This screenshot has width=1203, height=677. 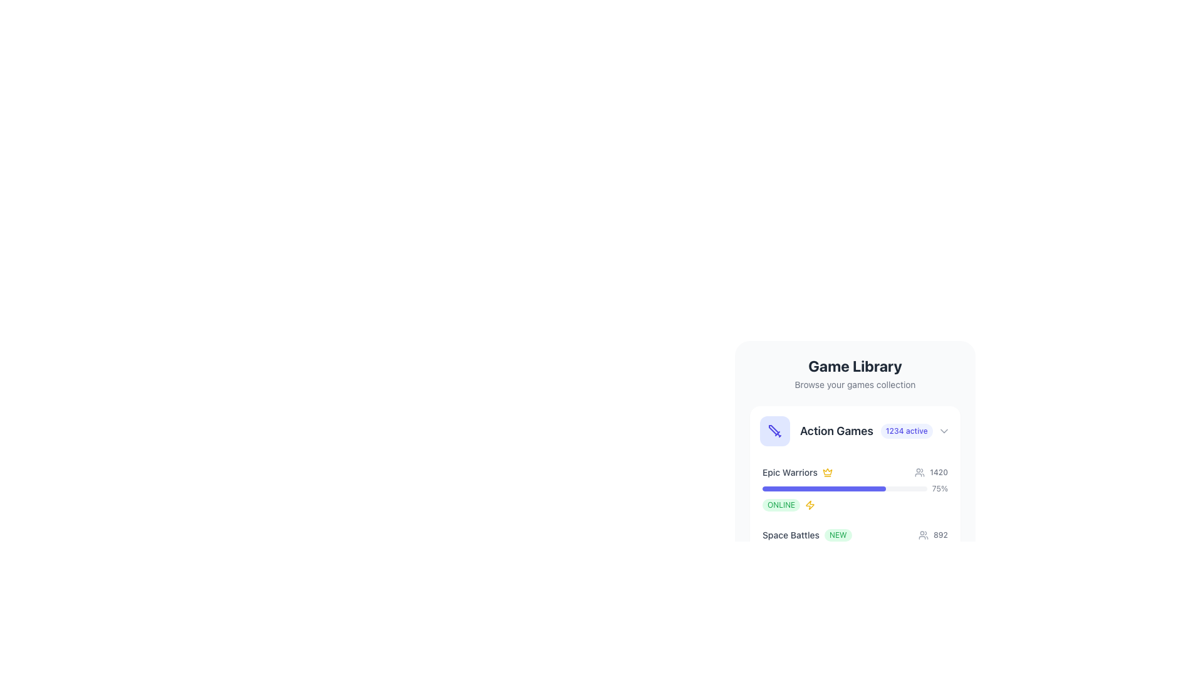 I want to click on the sword icon located at the top left corner of the 'Action Games' card in the 'Game Library' section, which symbolizes the action aspect of the category, so click(x=774, y=430).